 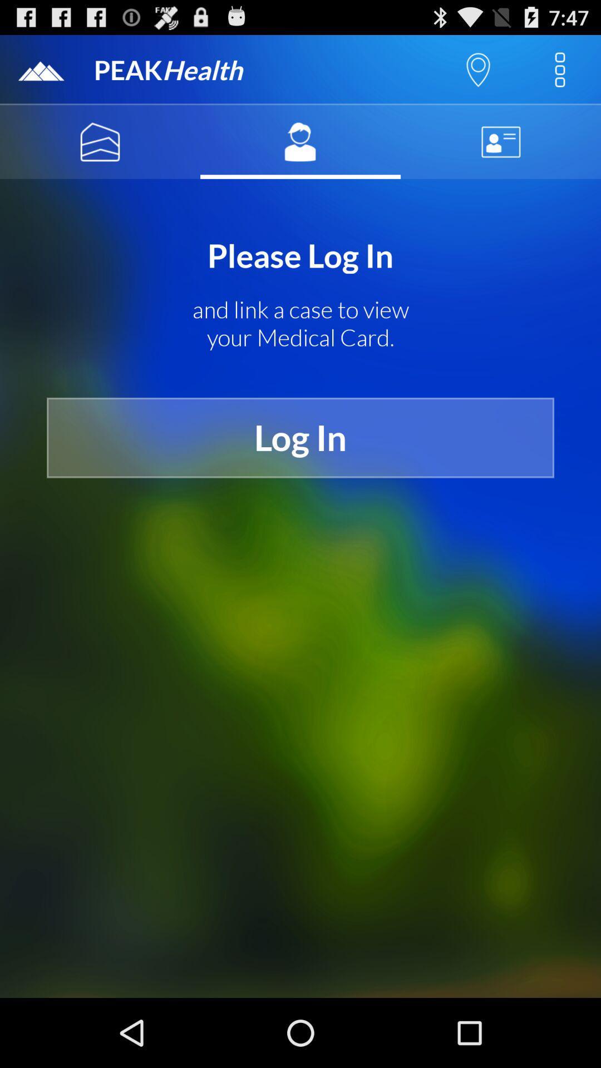 What do you see at coordinates (300, 141) in the screenshot?
I see `my account` at bounding box center [300, 141].